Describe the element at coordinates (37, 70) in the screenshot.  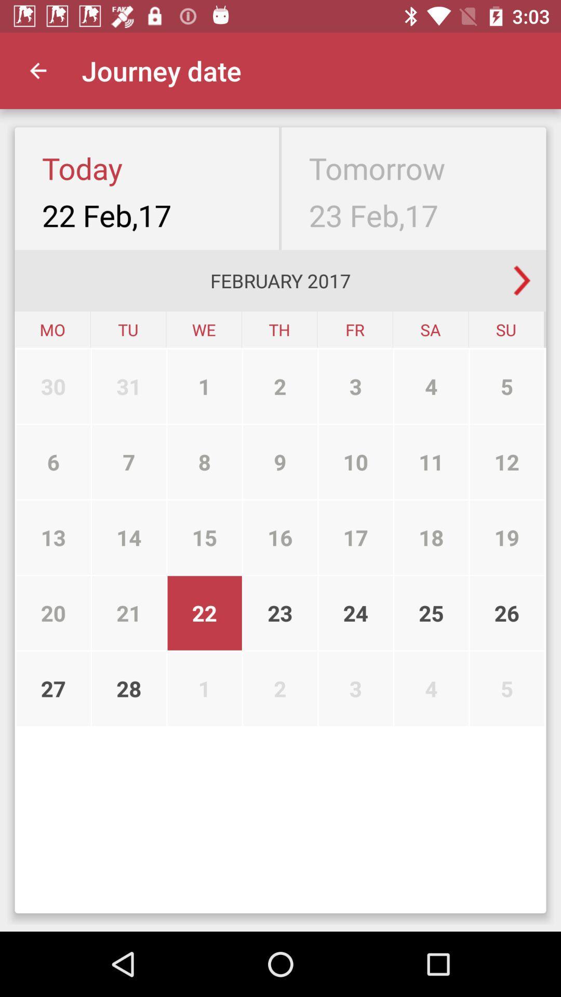
I see `icon above today item` at that location.